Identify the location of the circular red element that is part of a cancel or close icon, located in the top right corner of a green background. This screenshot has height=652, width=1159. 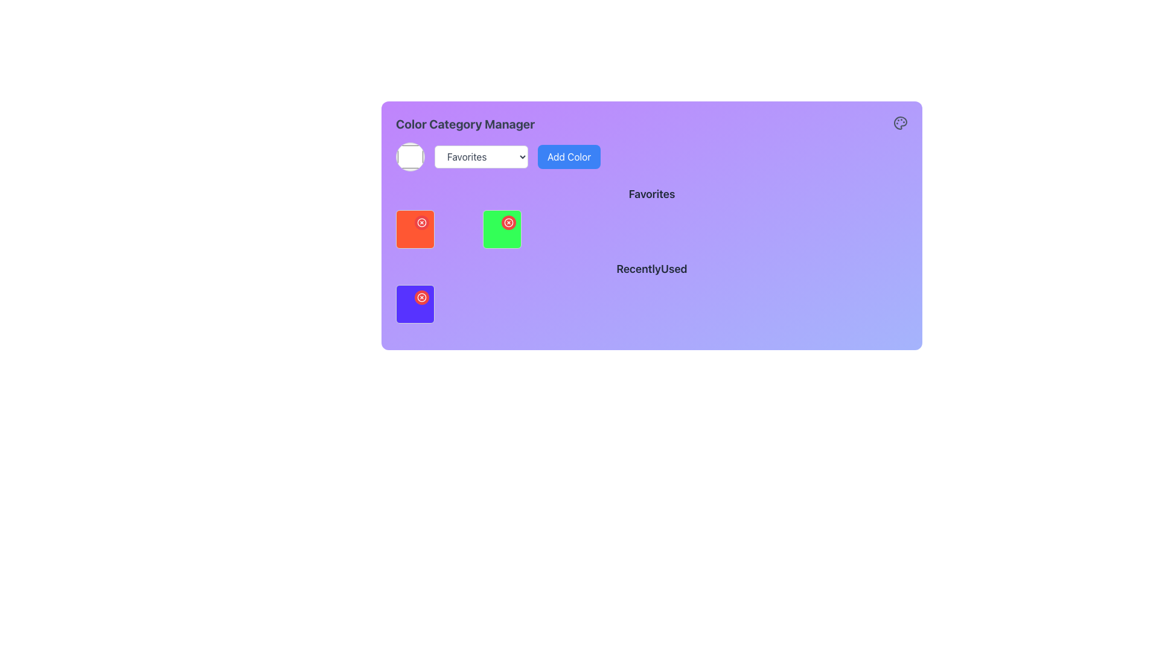
(422, 298).